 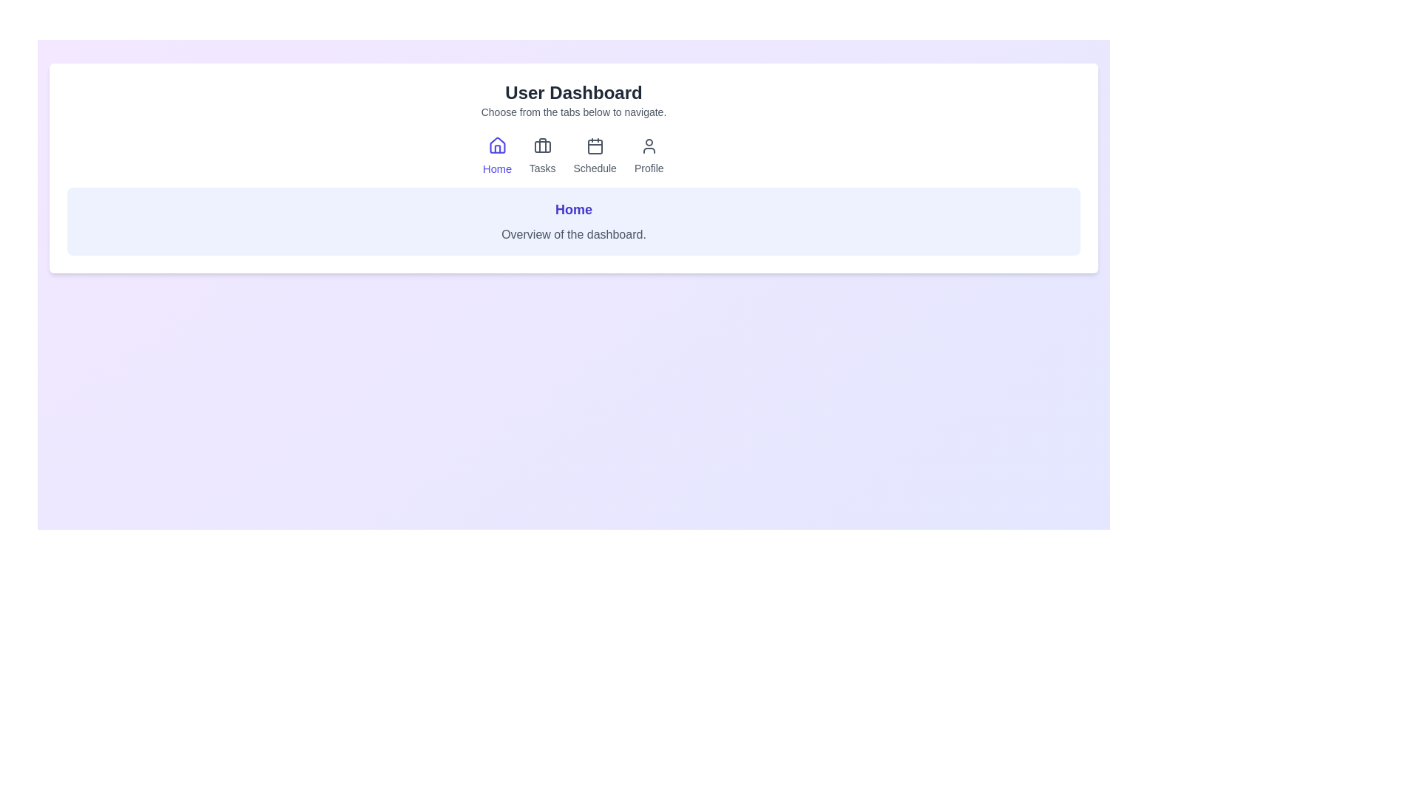 What do you see at coordinates (595, 157) in the screenshot?
I see `the third item in the navigation menu, which accesses the 'Schedule' section of the application, to observe hover effects` at bounding box center [595, 157].